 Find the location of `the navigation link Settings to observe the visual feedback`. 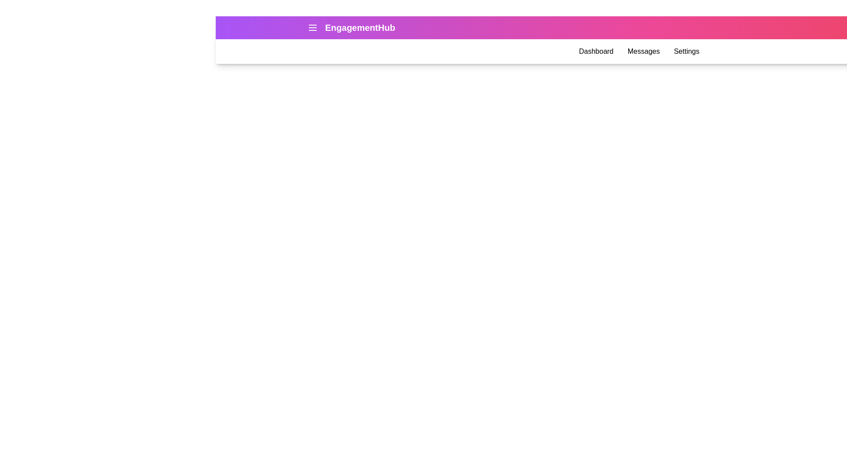

the navigation link Settings to observe the visual feedback is located at coordinates (686, 51).